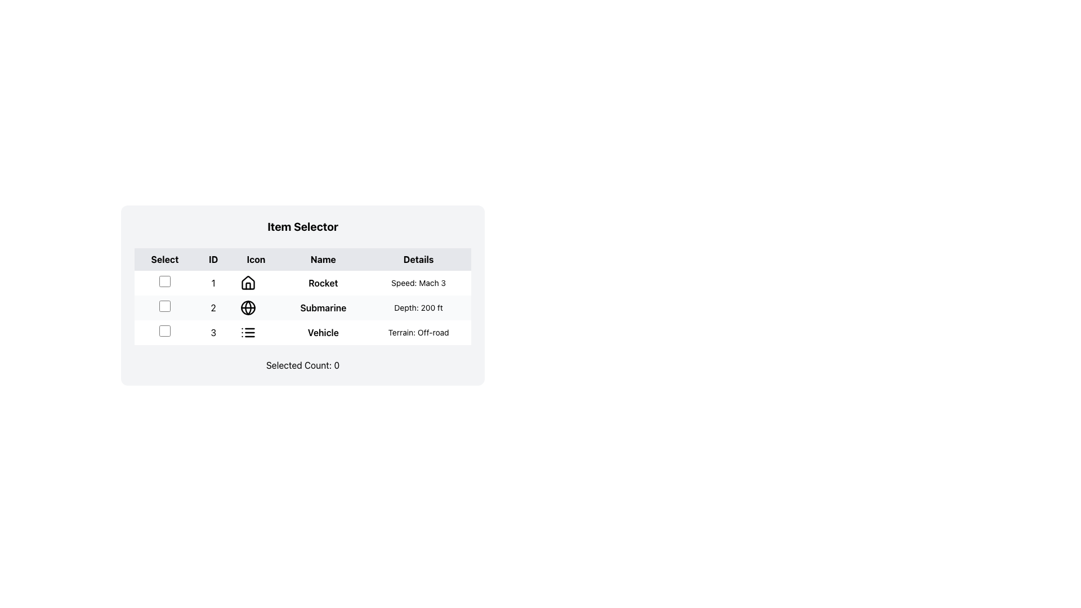 This screenshot has width=1081, height=608. What do you see at coordinates (164, 332) in the screenshot?
I see `the checkbox in the third row under the 'Select' column` at bounding box center [164, 332].